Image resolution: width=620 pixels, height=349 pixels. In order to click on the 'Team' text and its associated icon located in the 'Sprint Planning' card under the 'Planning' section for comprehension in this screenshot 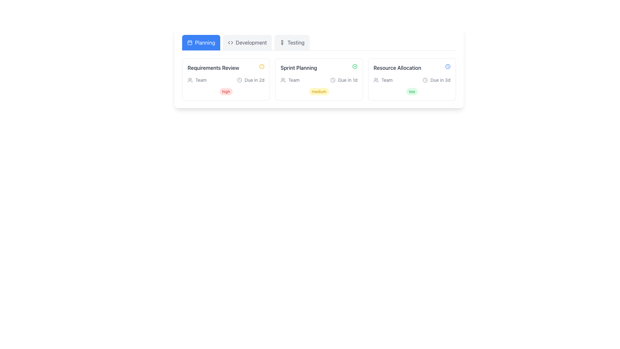, I will do `click(290, 79)`.